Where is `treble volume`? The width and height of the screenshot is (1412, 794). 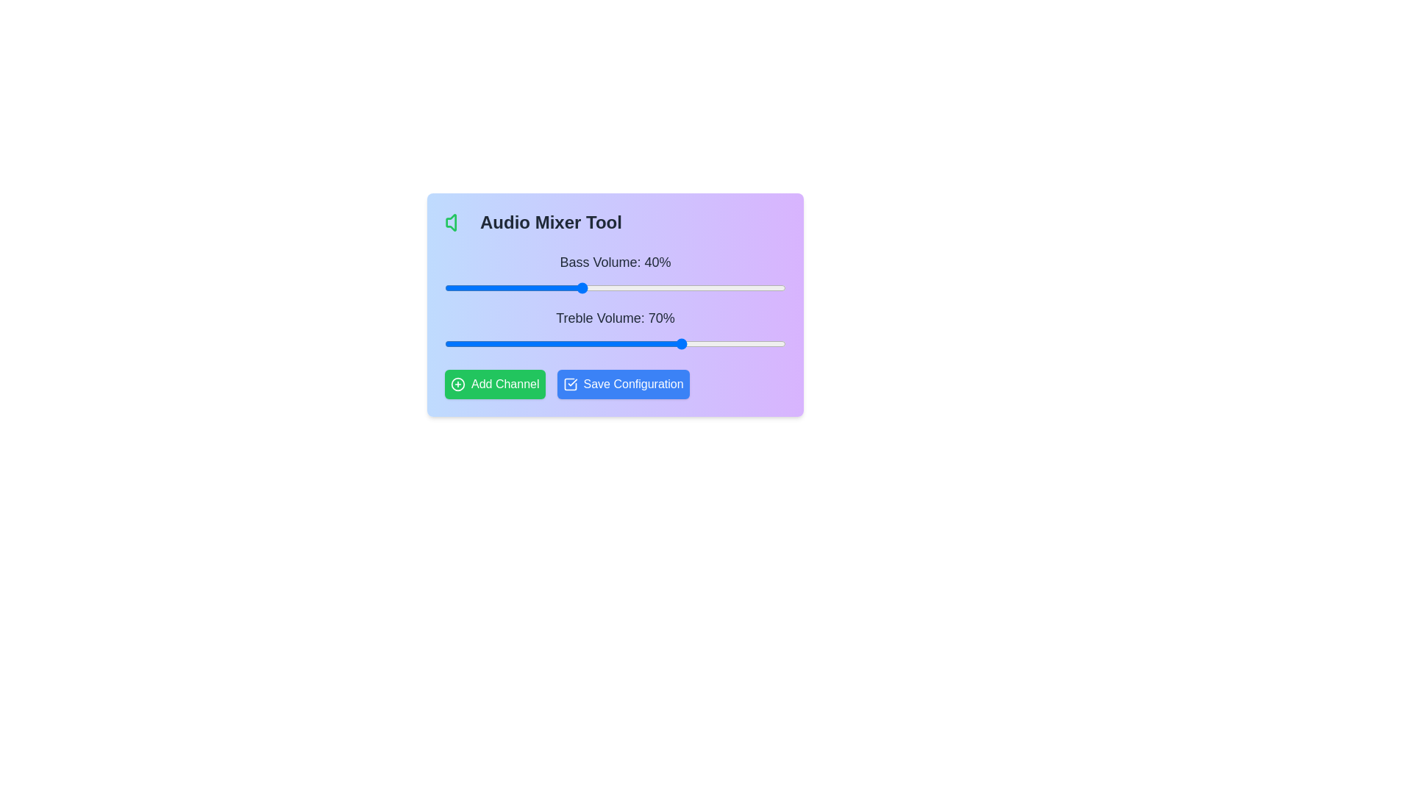 treble volume is located at coordinates (635, 343).